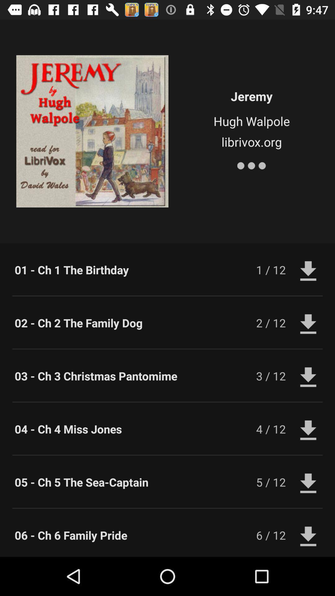  What do you see at coordinates (252, 164) in the screenshot?
I see `the item above the 01 ch 1 icon` at bounding box center [252, 164].